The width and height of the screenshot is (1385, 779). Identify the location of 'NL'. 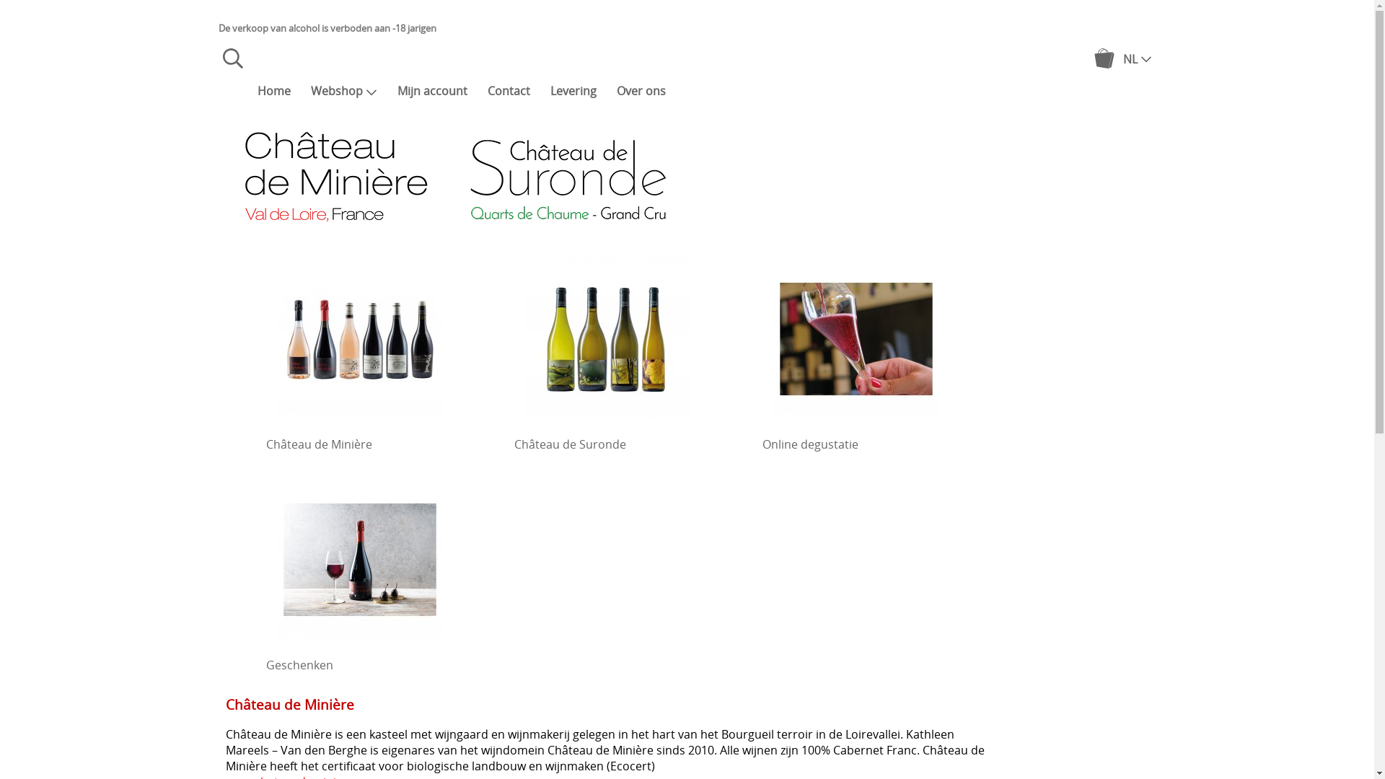
(1121, 57).